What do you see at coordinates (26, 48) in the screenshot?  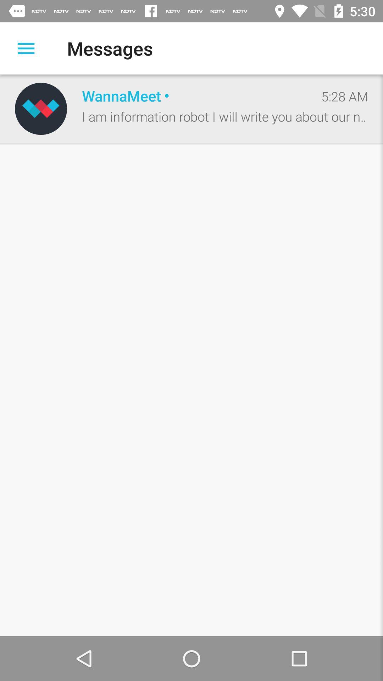 I see `open a list of options` at bounding box center [26, 48].